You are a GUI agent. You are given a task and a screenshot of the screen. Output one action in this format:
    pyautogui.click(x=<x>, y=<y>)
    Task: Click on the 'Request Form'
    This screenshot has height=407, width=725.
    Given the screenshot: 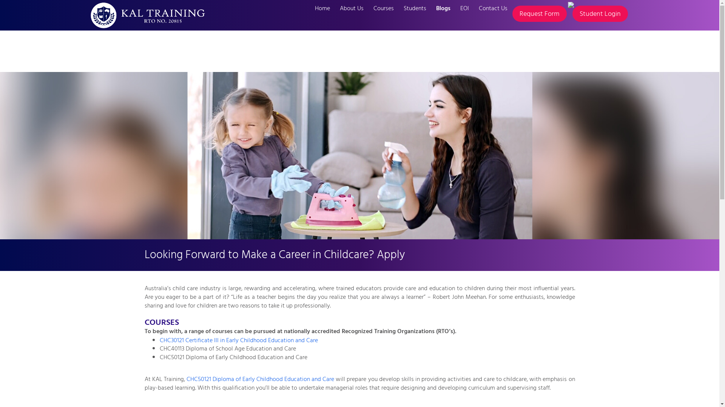 What is the action you would take?
    pyautogui.click(x=539, y=13)
    